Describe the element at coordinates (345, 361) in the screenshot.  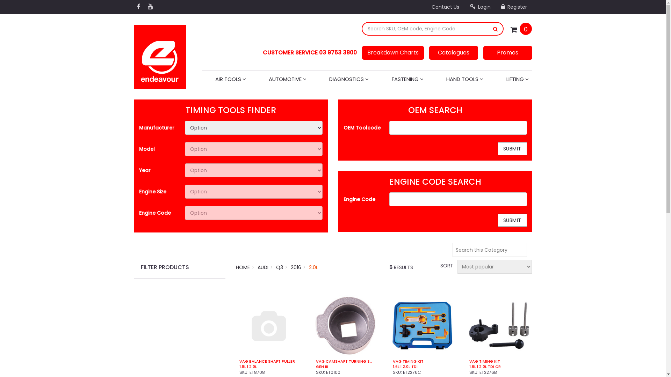
I see `'VAG CAMSHAFT TURNING SOCKET'` at that location.